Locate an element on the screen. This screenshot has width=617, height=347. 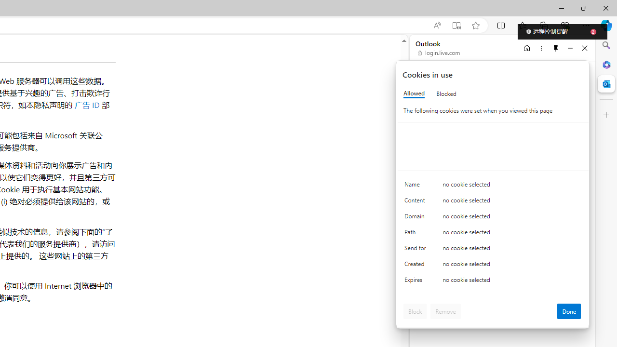
'Remove' is located at coordinates (445, 311).